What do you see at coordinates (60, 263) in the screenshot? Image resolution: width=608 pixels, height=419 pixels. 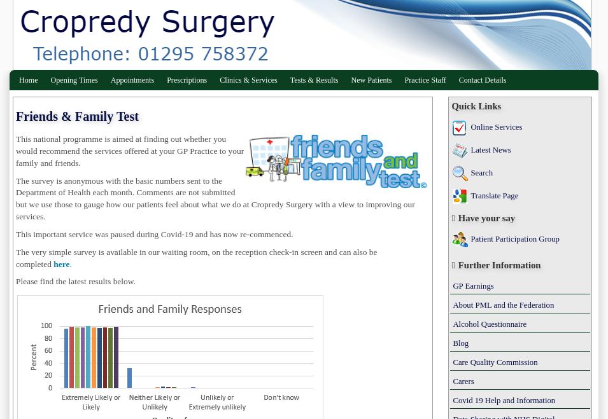 I see `'here'` at bounding box center [60, 263].